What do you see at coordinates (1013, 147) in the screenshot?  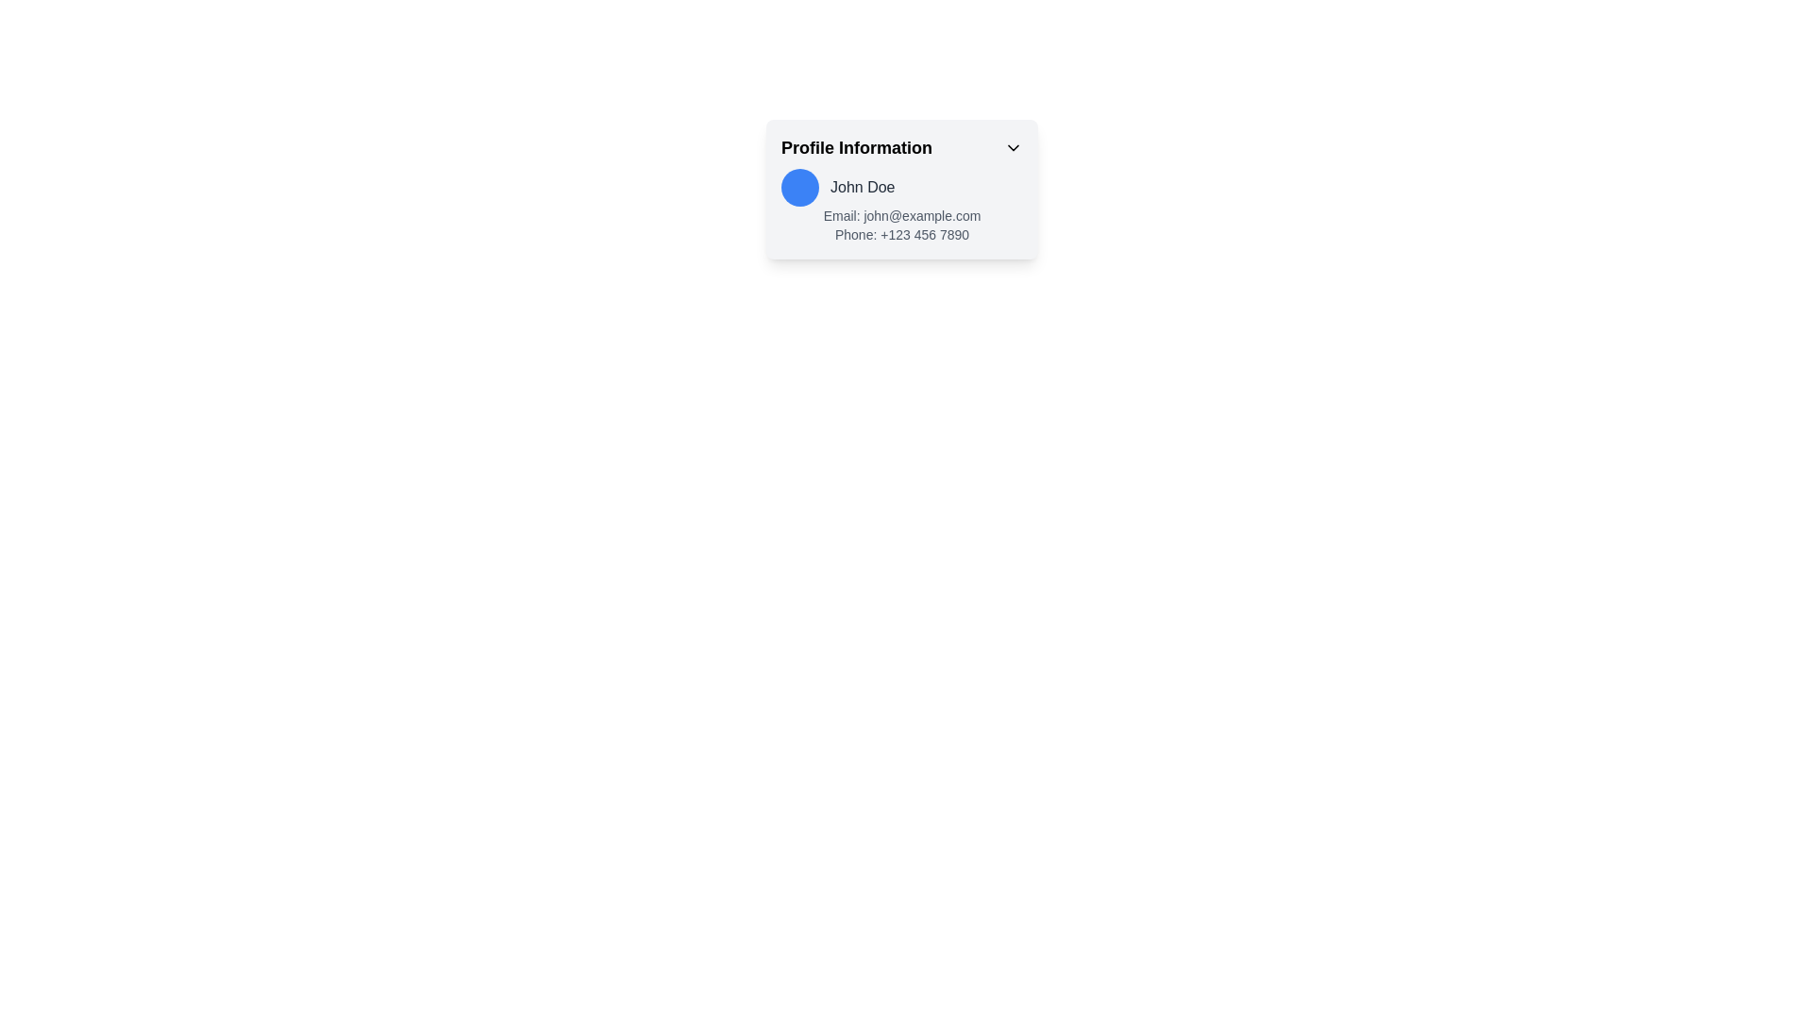 I see `the chevron icon located to the right of 'Profile Information'` at bounding box center [1013, 147].